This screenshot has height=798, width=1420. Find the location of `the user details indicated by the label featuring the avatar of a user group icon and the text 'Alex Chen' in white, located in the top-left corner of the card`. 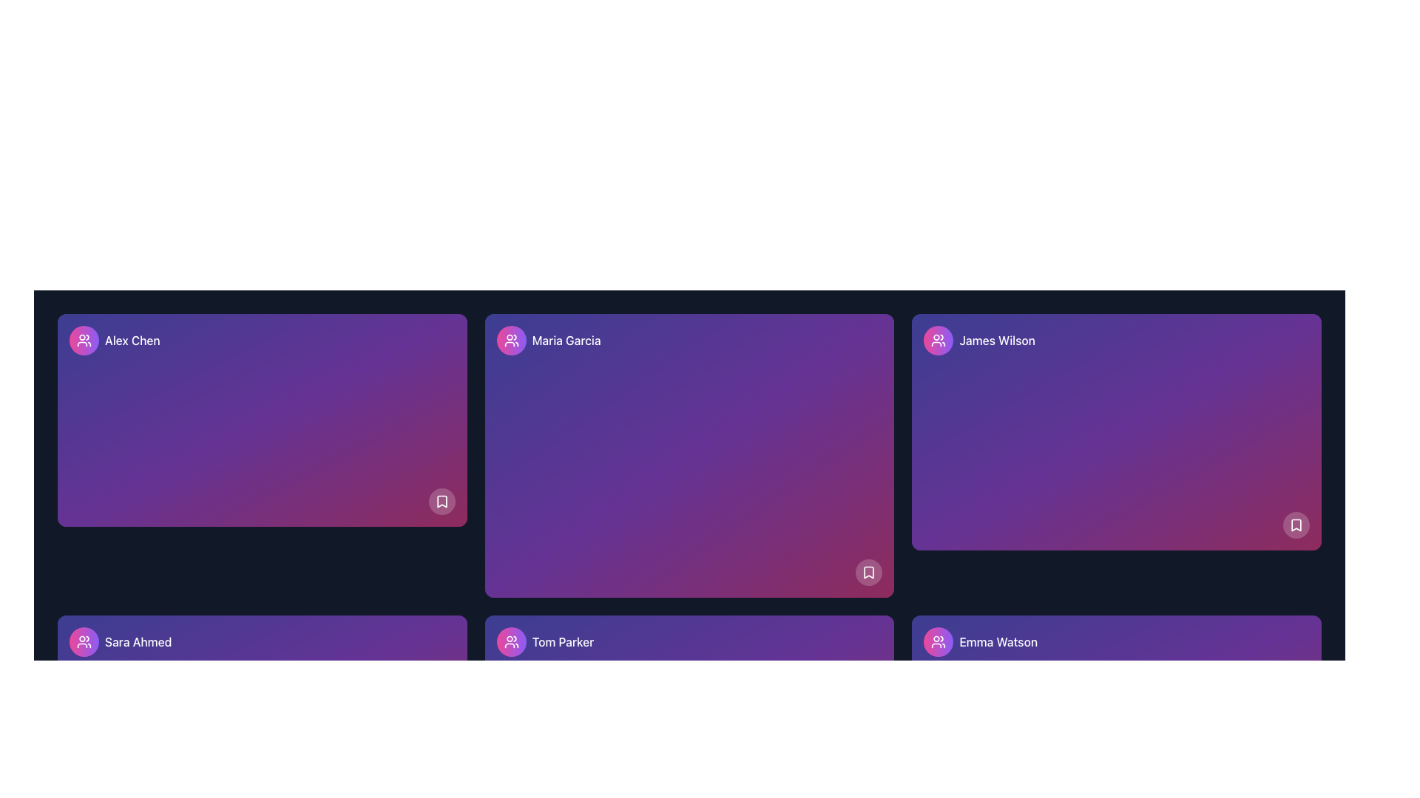

the user details indicated by the label featuring the avatar of a user group icon and the text 'Alex Chen' in white, located in the top-left corner of the card is located at coordinates (114, 341).